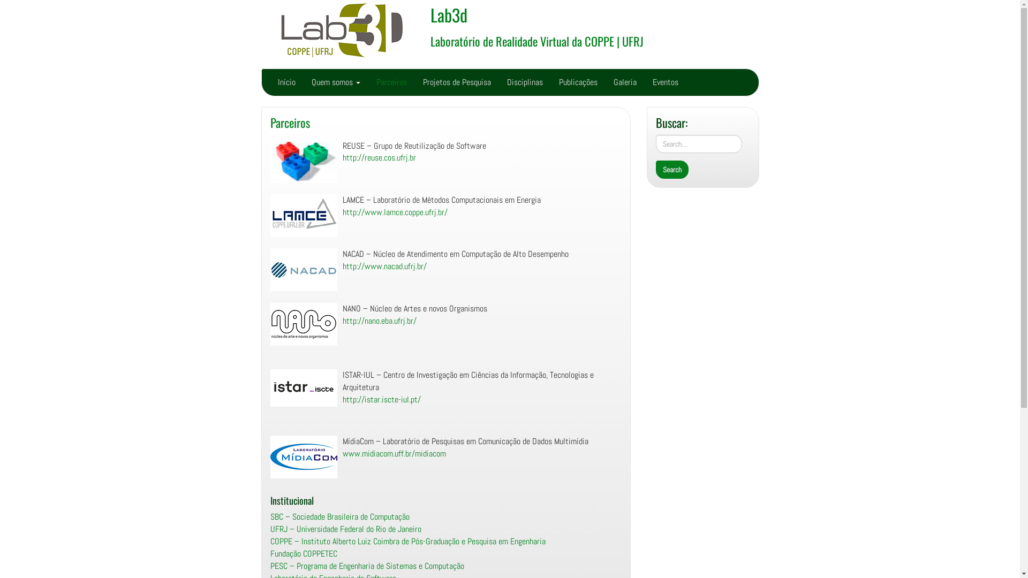 This screenshot has height=578, width=1028. Describe the element at coordinates (391, 82) in the screenshot. I see `'Parceiros'` at that location.